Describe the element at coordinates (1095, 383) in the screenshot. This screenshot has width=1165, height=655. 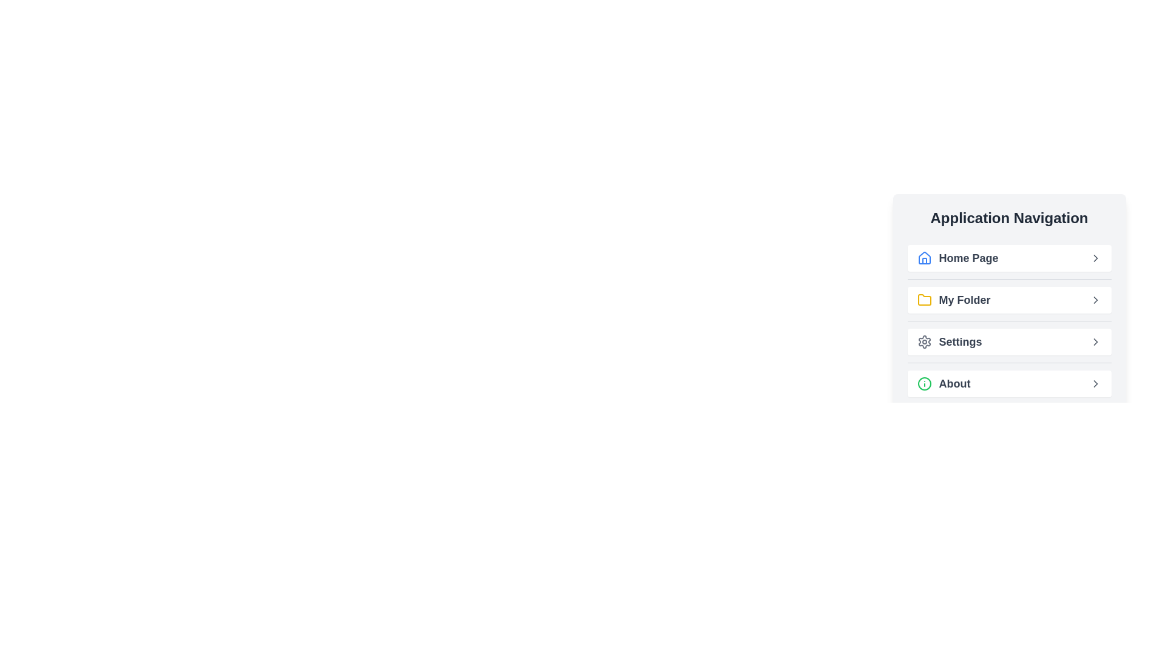
I see `the right-facing chevron icon located inside the 'About' navigation entry, positioned at the far right edge of the entry row` at that location.